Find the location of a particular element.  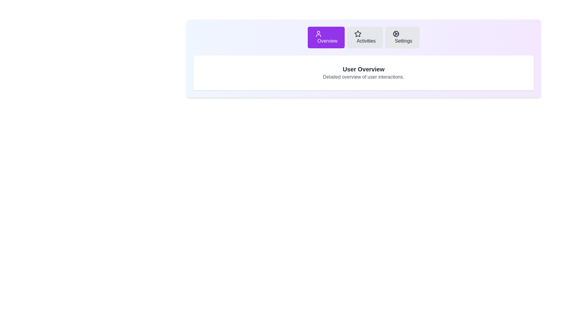

the 'Overview' label within the purple button located at the top-center of the interface is located at coordinates (327, 40).